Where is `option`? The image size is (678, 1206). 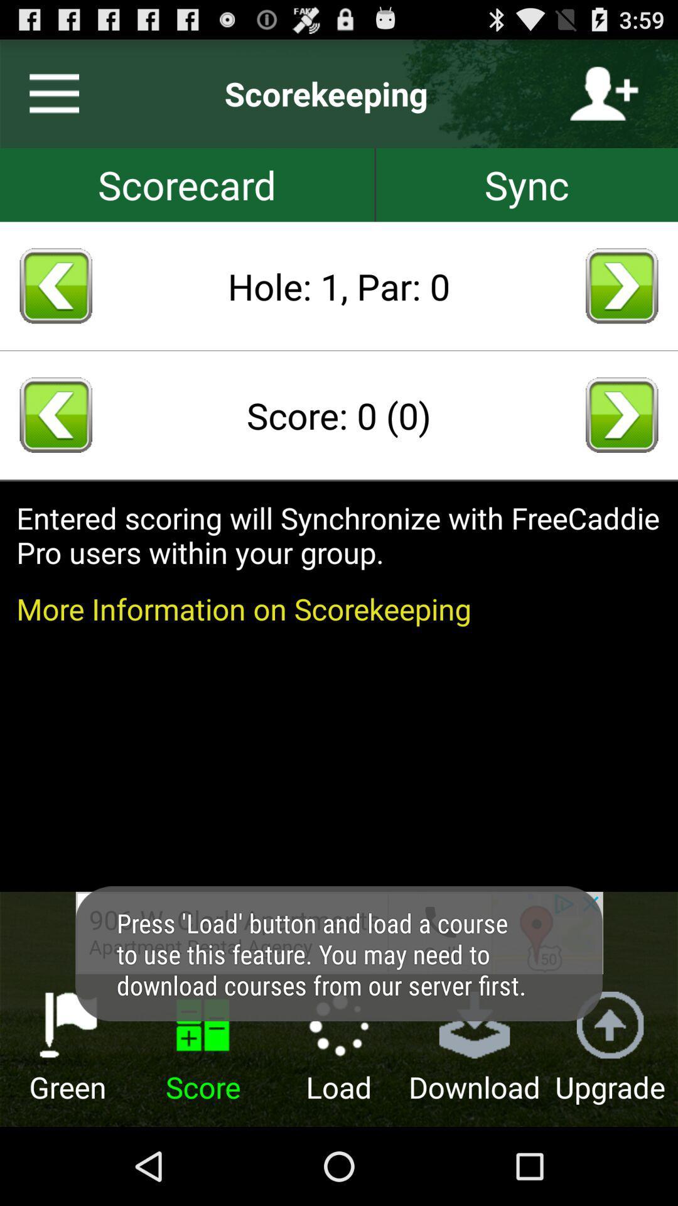
option is located at coordinates (48, 93).